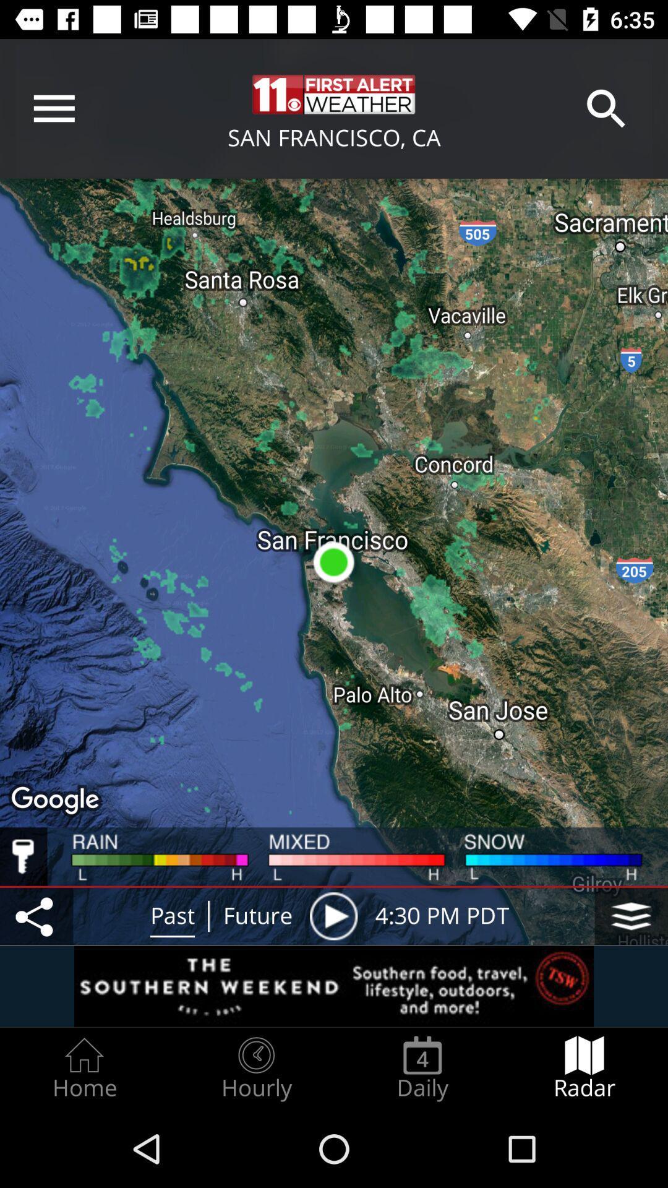  What do you see at coordinates (422, 1068) in the screenshot?
I see `third option at bottom of page` at bounding box center [422, 1068].